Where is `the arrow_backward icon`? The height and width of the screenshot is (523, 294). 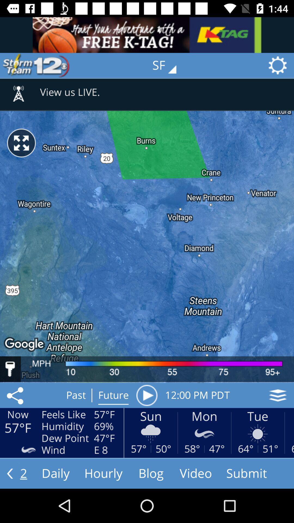
the arrow_backward icon is located at coordinates (10, 473).